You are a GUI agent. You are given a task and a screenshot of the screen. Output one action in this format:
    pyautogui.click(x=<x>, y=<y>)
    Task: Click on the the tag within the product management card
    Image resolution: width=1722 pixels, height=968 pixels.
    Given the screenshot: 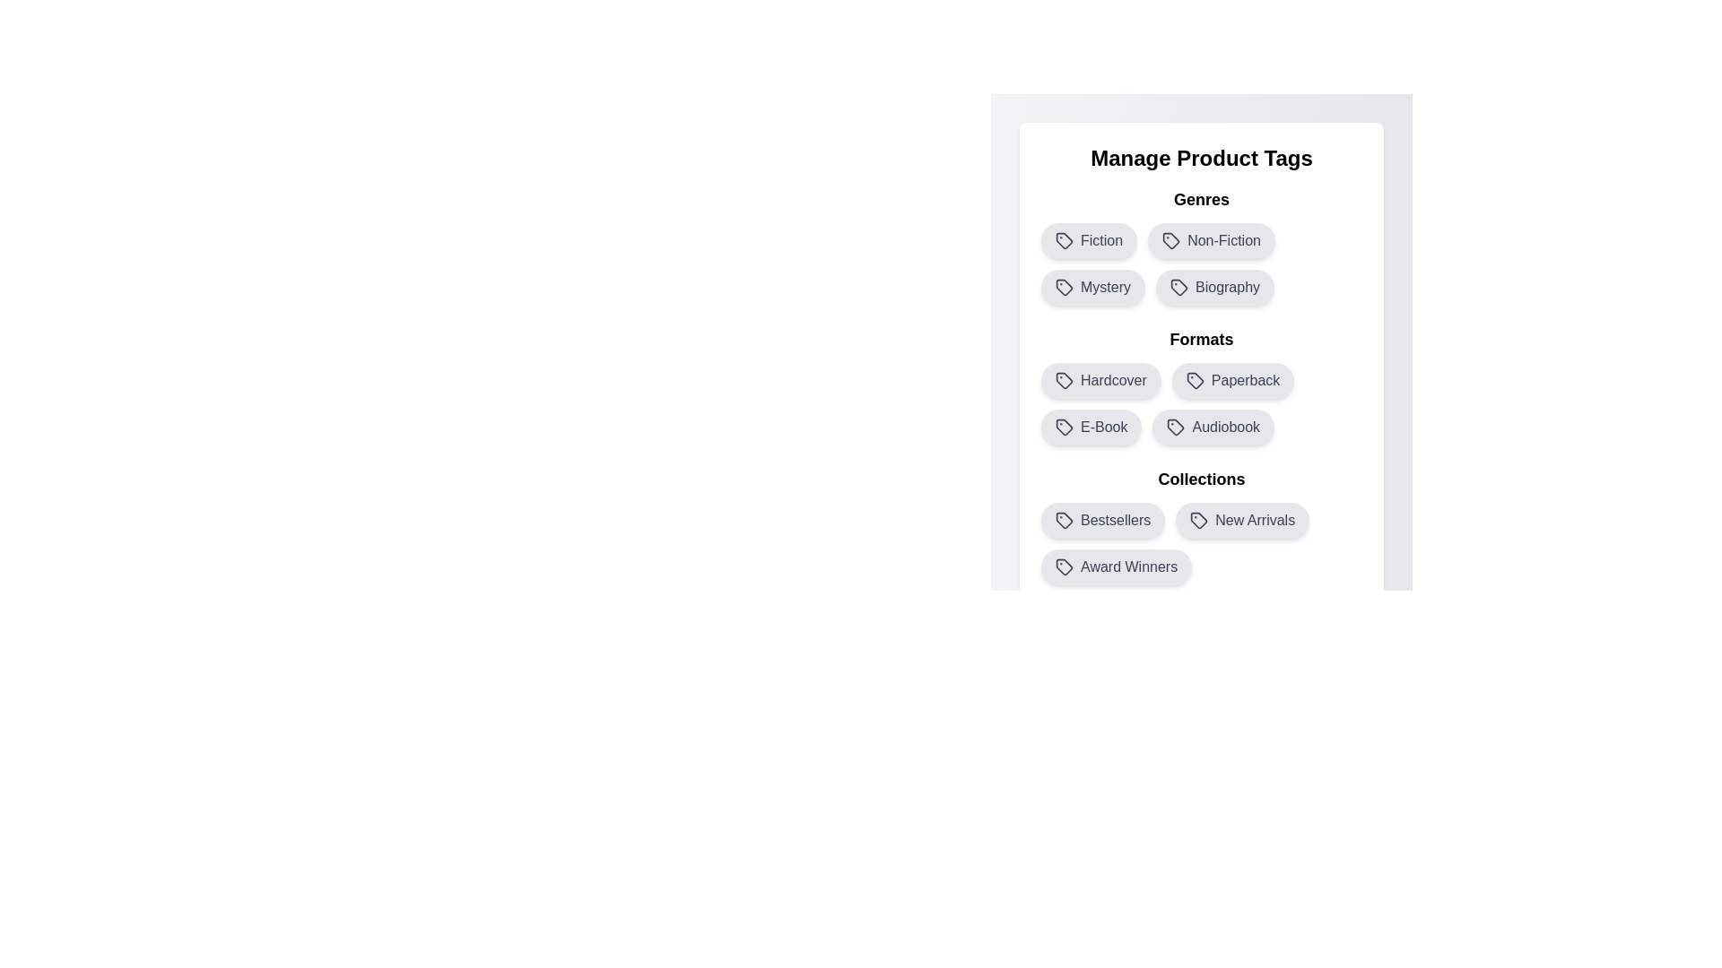 What is the action you would take?
    pyautogui.click(x=1201, y=364)
    